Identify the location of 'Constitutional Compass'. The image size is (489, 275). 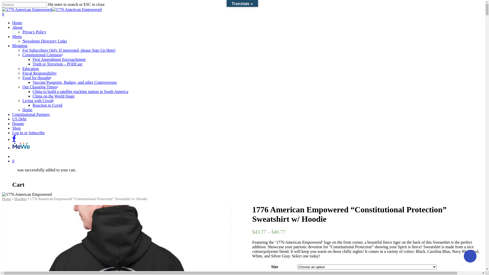
(43, 55).